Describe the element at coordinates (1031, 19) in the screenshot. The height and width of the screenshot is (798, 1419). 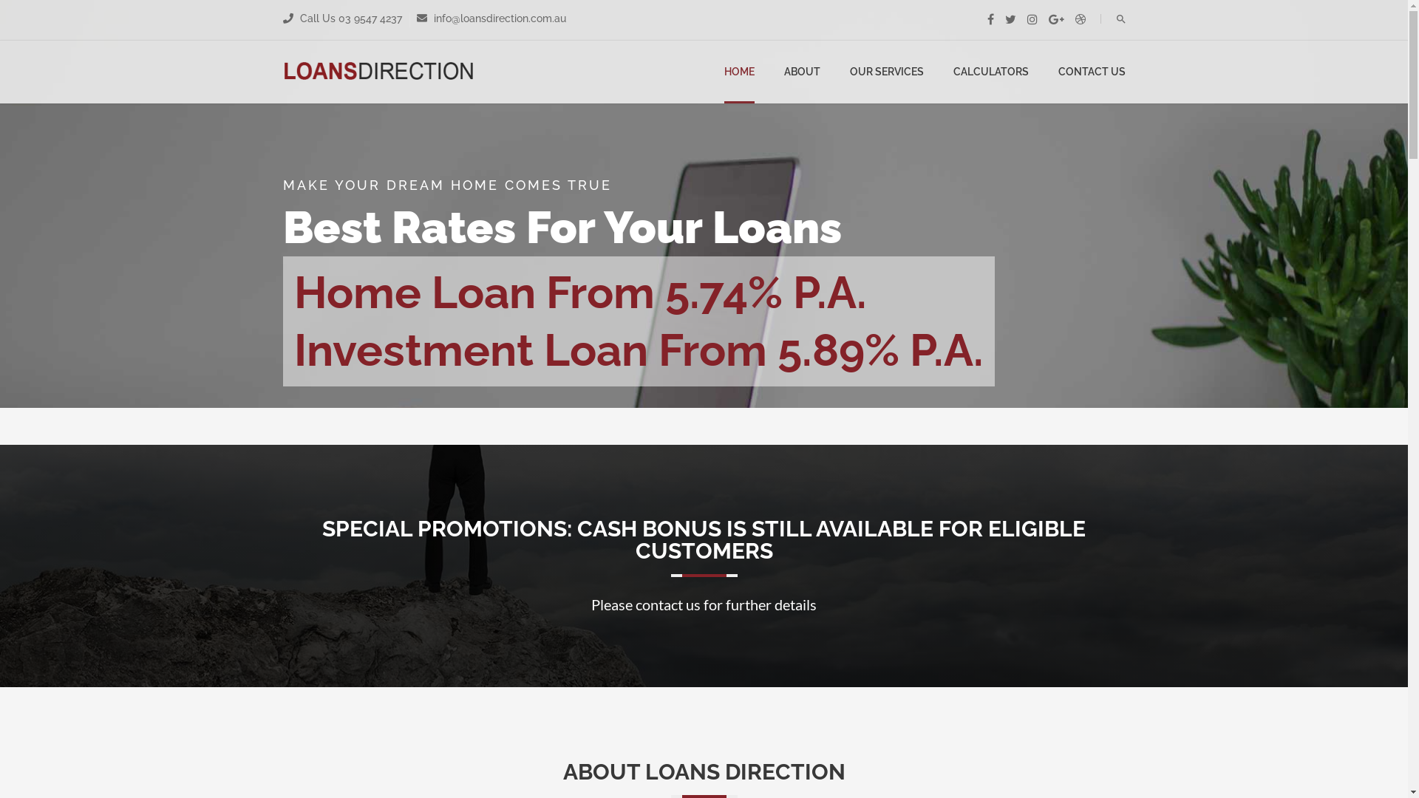
I see `'Instagram'` at that location.